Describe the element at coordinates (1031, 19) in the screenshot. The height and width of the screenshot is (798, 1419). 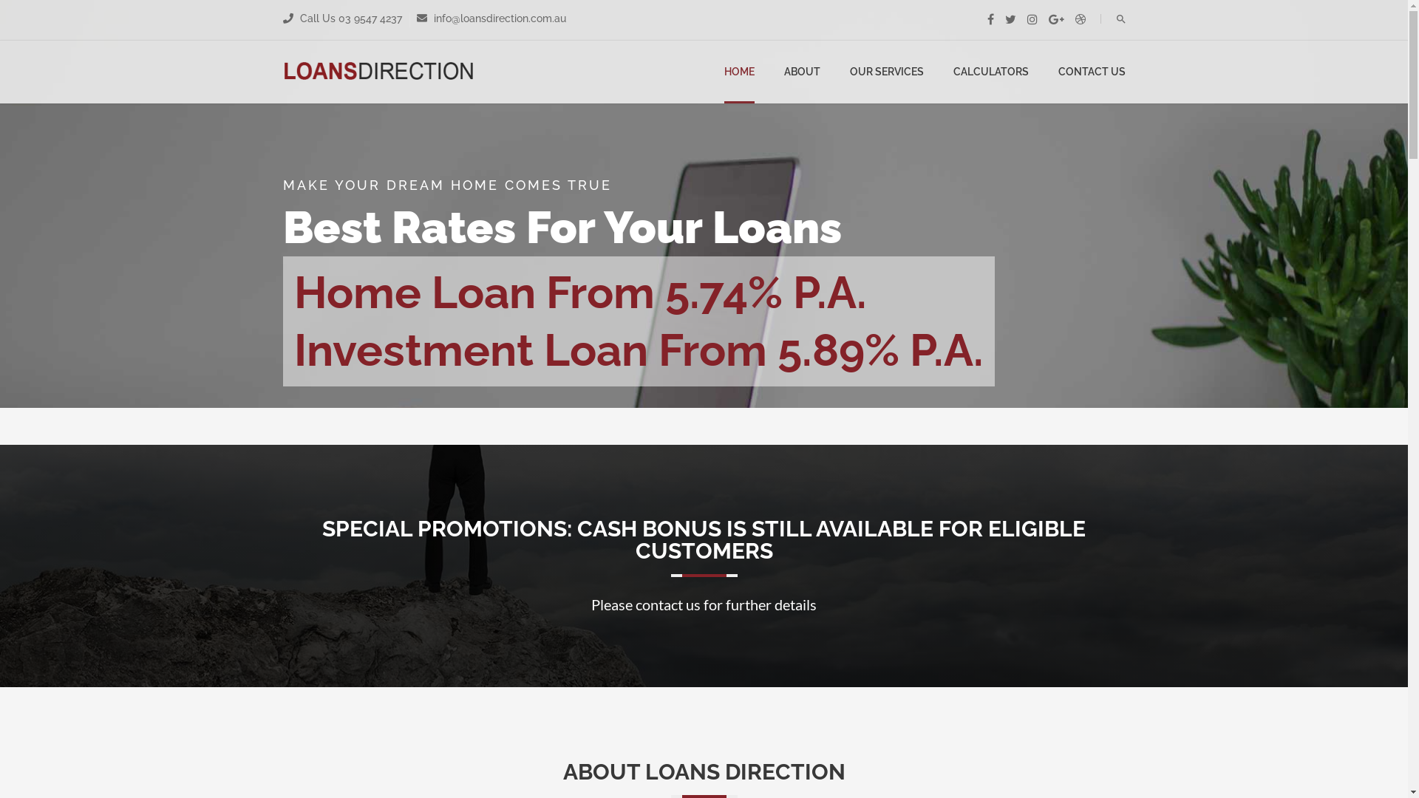
I see `'Instagram'` at that location.